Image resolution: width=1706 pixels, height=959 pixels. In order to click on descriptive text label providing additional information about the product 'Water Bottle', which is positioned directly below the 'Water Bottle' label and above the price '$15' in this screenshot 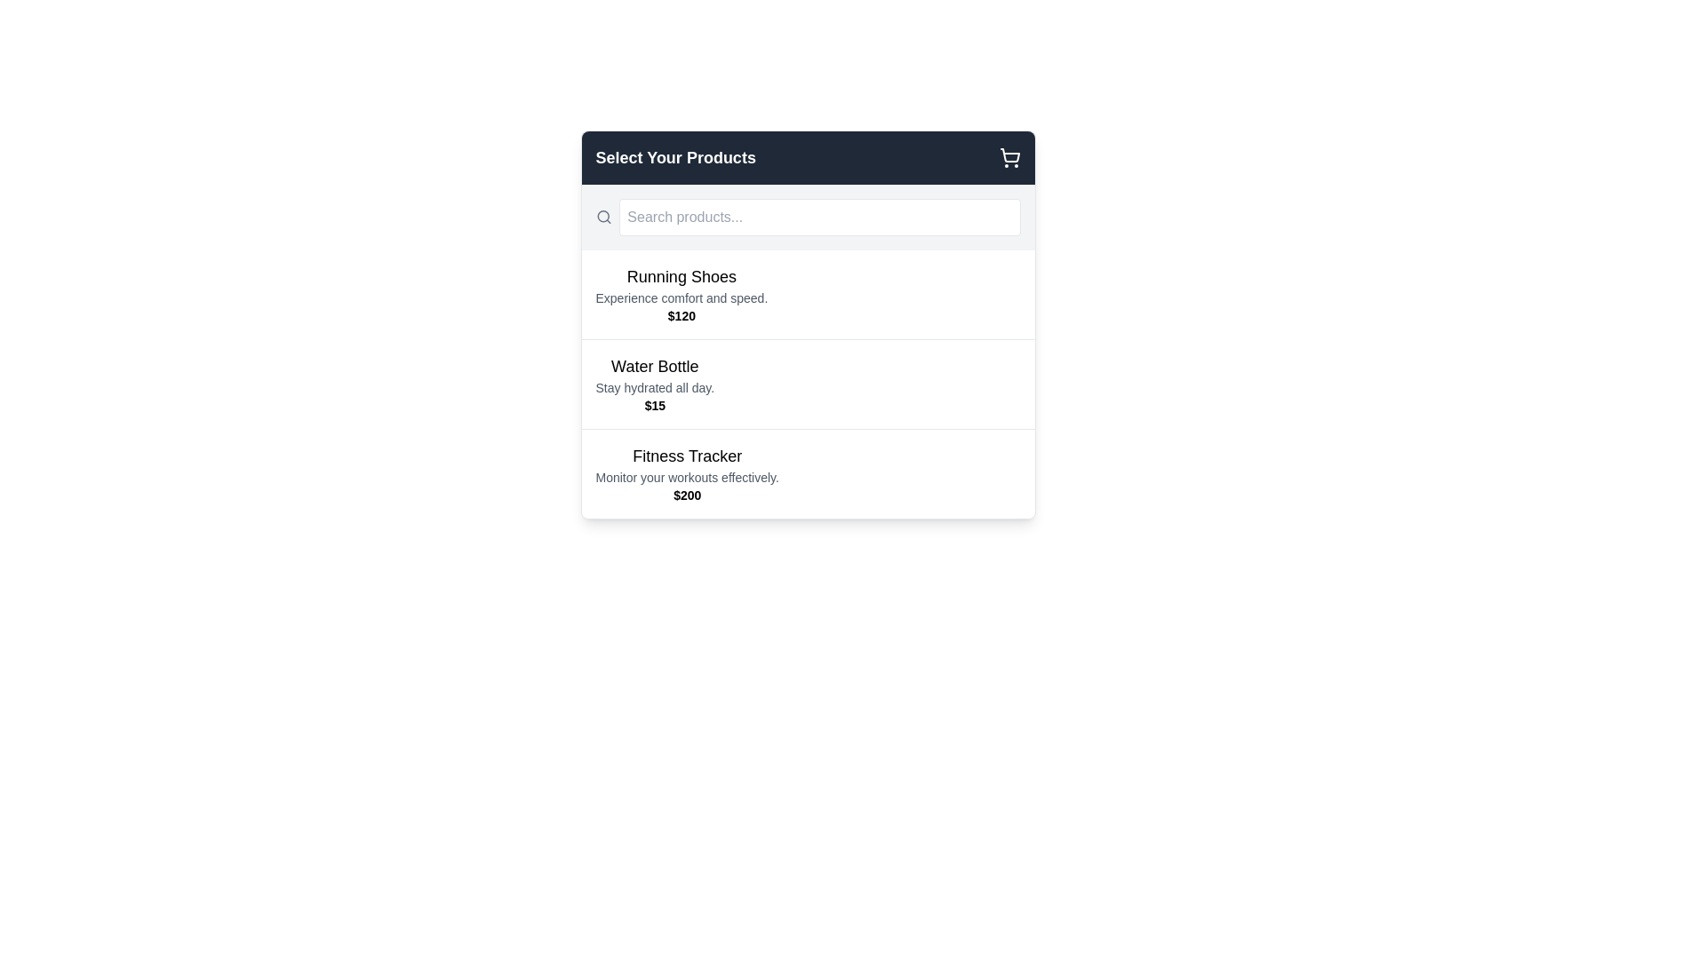, I will do `click(654, 386)`.